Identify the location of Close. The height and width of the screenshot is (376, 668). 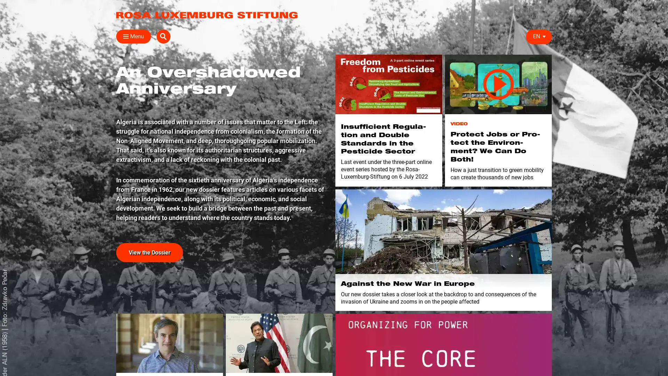
(543, 51).